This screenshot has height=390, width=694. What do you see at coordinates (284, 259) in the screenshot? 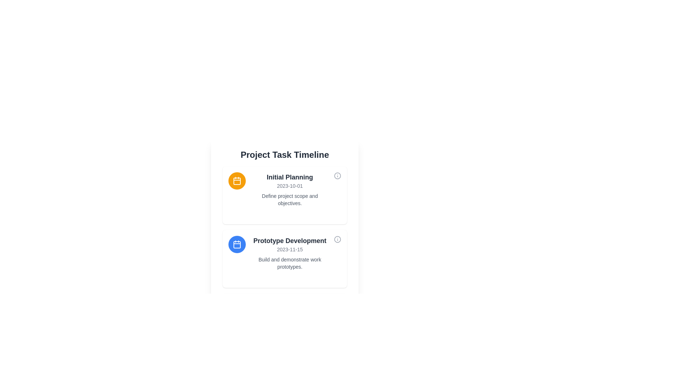
I see `the second task item in the 'Project Task Timeline' list, which contains headers, dates, and colored status indicators, located between 'Initial Planning' and 'Final Delivery'` at bounding box center [284, 259].